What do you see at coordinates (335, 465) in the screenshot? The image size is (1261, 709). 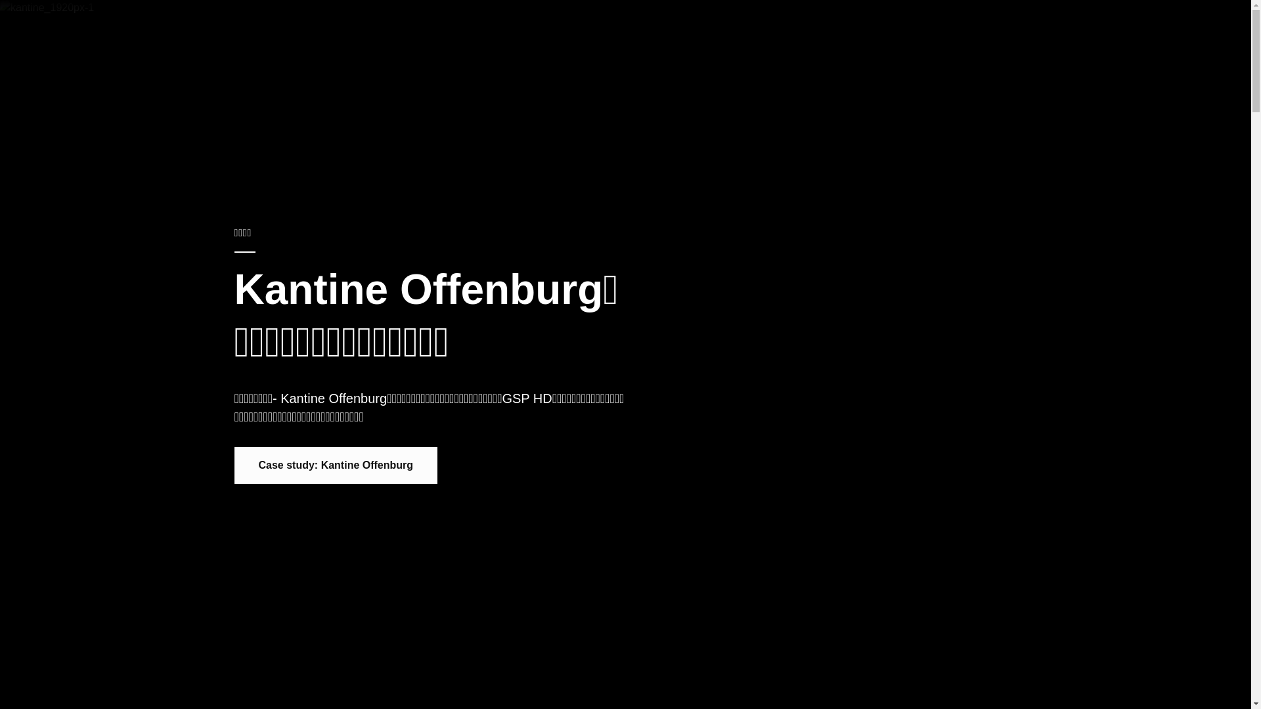 I see `'Case study: Kantine Offenburg'` at bounding box center [335, 465].